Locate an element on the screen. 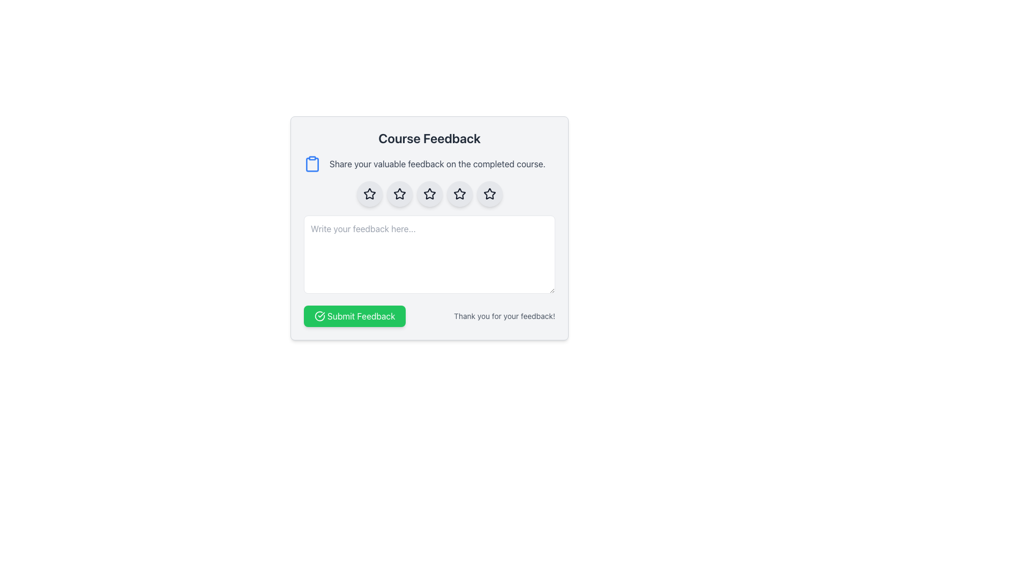 This screenshot has height=579, width=1029. the second star-shaped rating icon in the feedback section is located at coordinates (399, 194).